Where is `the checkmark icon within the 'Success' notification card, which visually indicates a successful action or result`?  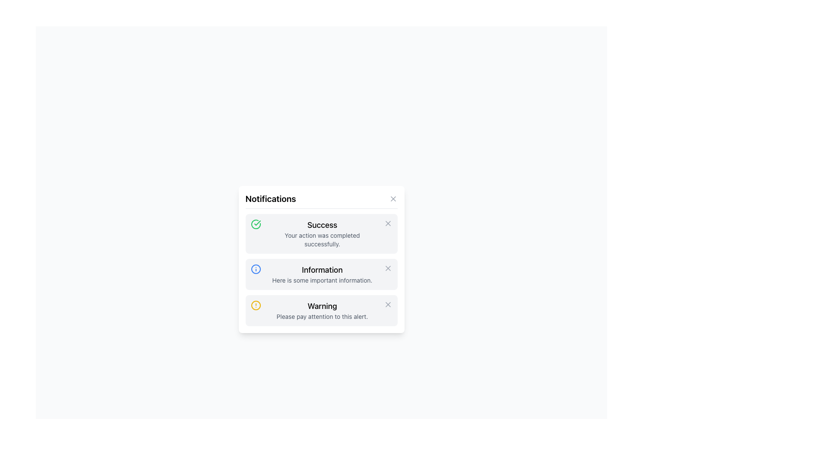
the checkmark icon within the 'Success' notification card, which visually indicates a successful action or result is located at coordinates (256, 222).